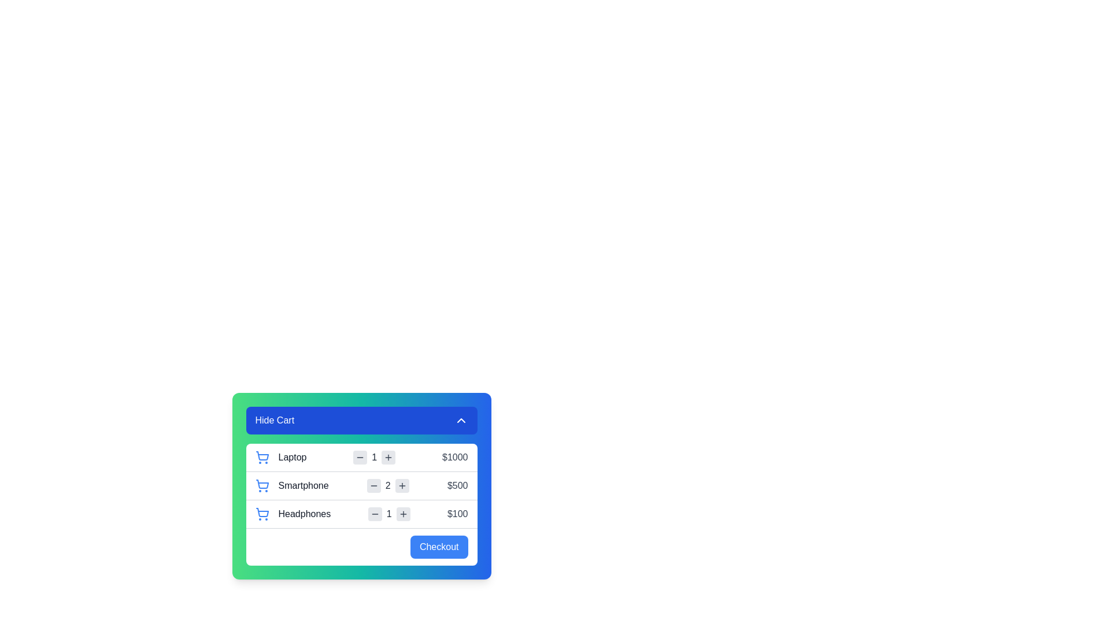  Describe the element at coordinates (403, 514) in the screenshot. I see `the increment button with a plus symbol (+) located in the 'Headphones' row of the shopping cart interface to increase the item quantity` at that location.